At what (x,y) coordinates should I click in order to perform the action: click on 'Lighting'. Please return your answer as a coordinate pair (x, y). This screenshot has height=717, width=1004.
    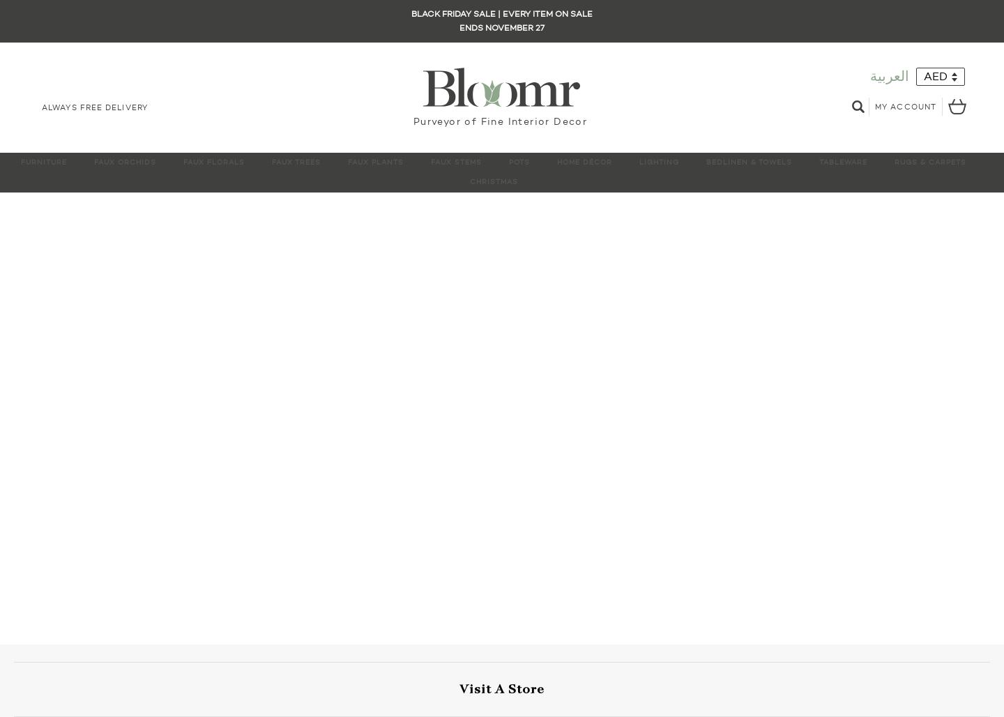
    Looking at the image, I should click on (659, 161).